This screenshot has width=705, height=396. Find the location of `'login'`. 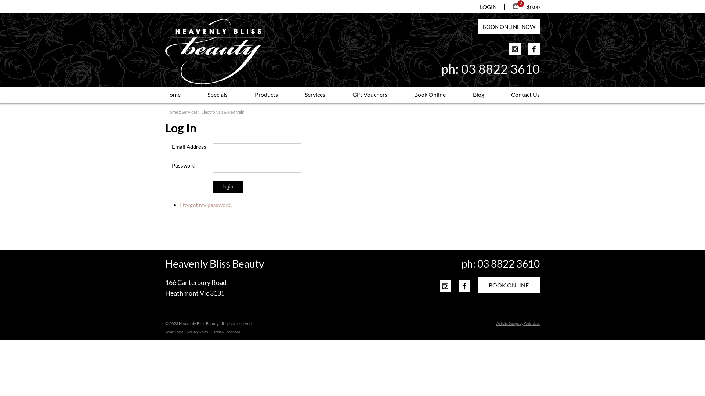

'login' is located at coordinates (227, 186).